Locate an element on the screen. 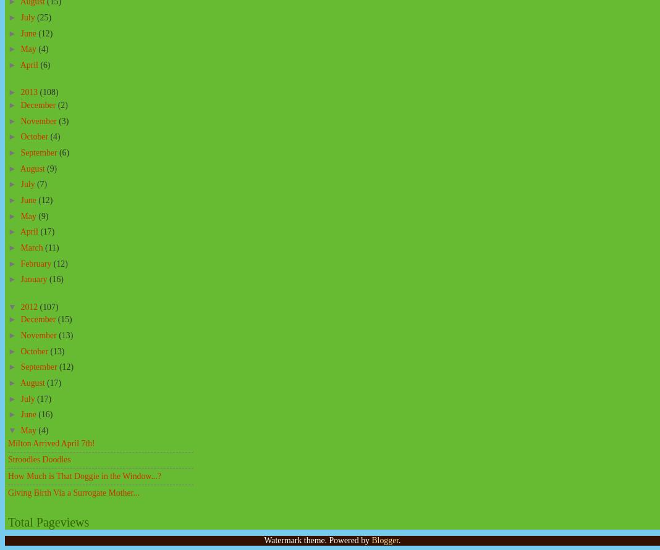 This screenshot has height=550, width=660. '.' is located at coordinates (397, 540).